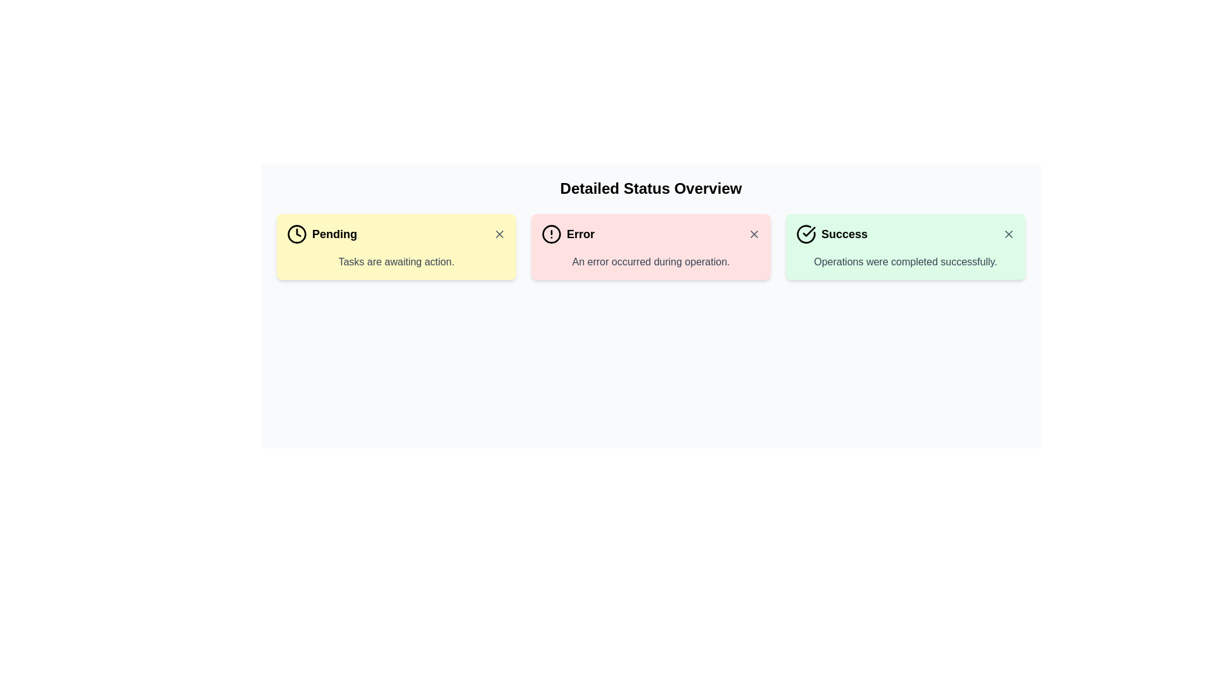 The height and width of the screenshot is (684, 1216). What do you see at coordinates (1008, 234) in the screenshot?
I see `the diagonal cross icon in the top-right corner of the 'Success' card` at bounding box center [1008, 234].